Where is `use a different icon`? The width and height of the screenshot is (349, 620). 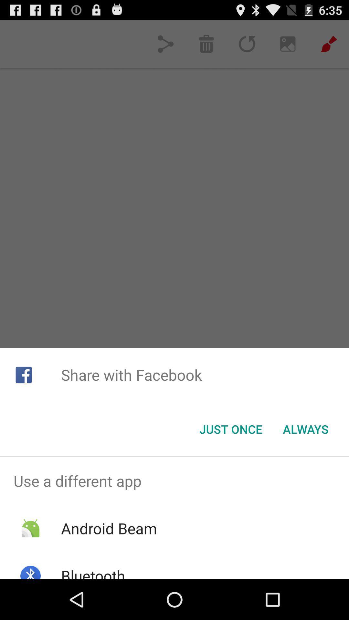 use a different icon is located at coordinates (174, 481).